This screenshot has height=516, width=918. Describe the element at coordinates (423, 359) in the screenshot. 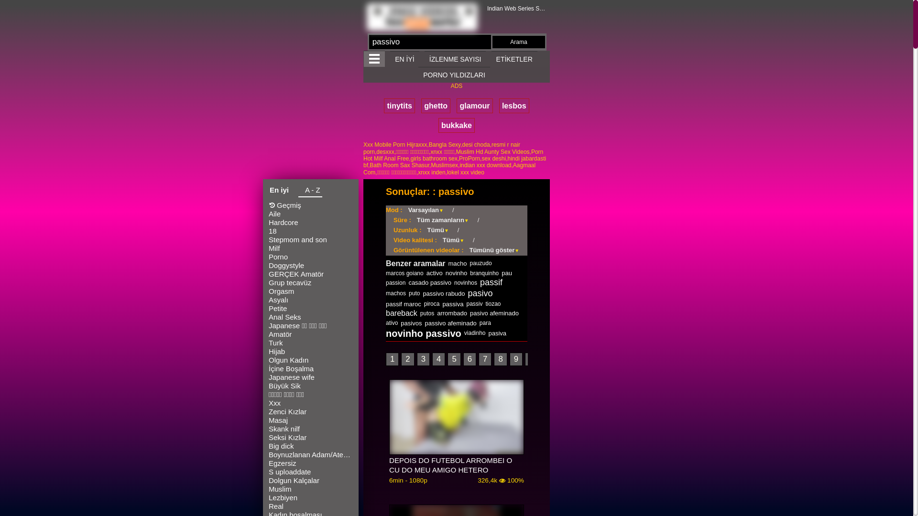

I see `'3'` at that location.